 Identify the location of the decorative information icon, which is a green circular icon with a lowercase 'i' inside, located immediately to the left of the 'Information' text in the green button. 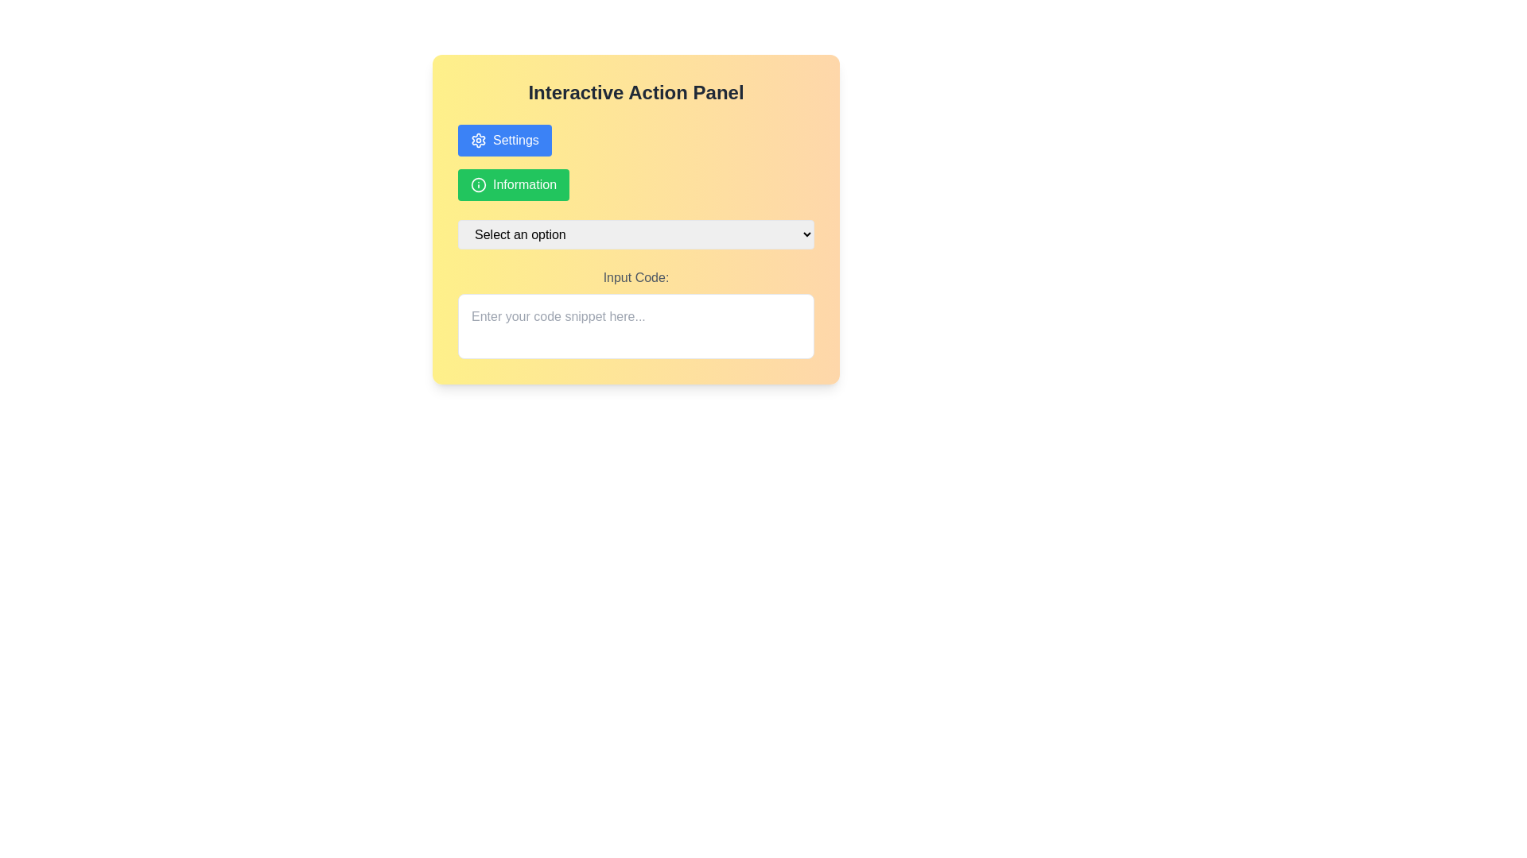
(477, 184).